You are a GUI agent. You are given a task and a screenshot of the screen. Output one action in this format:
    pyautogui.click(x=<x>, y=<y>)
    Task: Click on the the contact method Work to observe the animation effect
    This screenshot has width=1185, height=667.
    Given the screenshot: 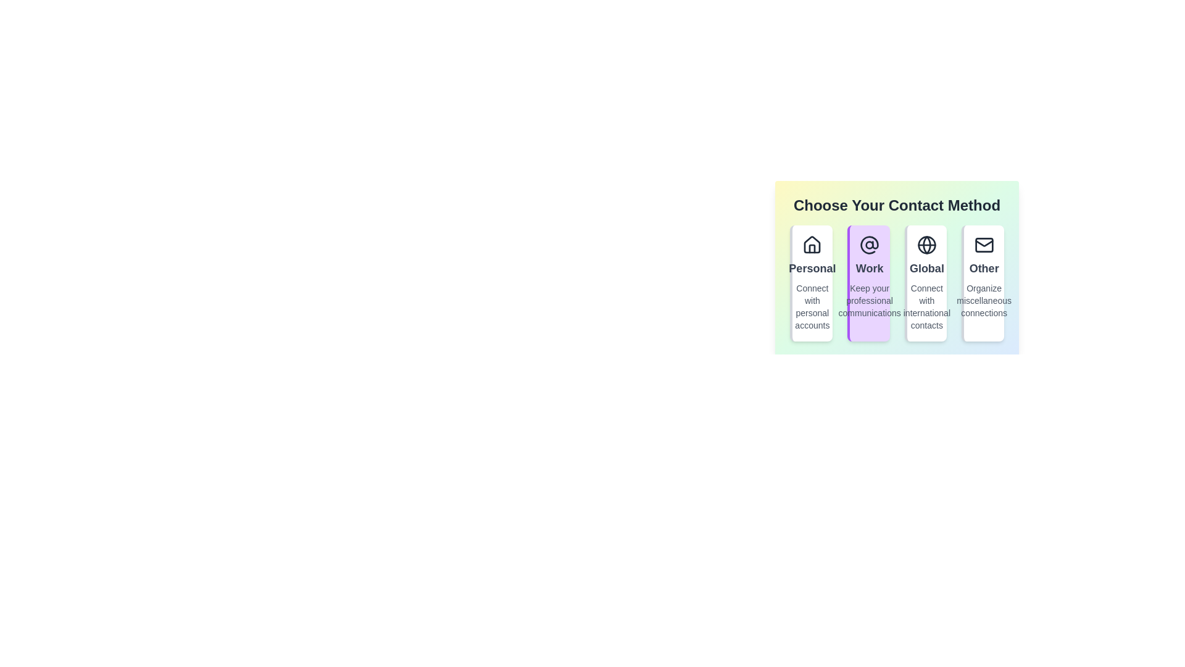 What is the action you would take?
    pyautogui.click(x=868, y=283)
    